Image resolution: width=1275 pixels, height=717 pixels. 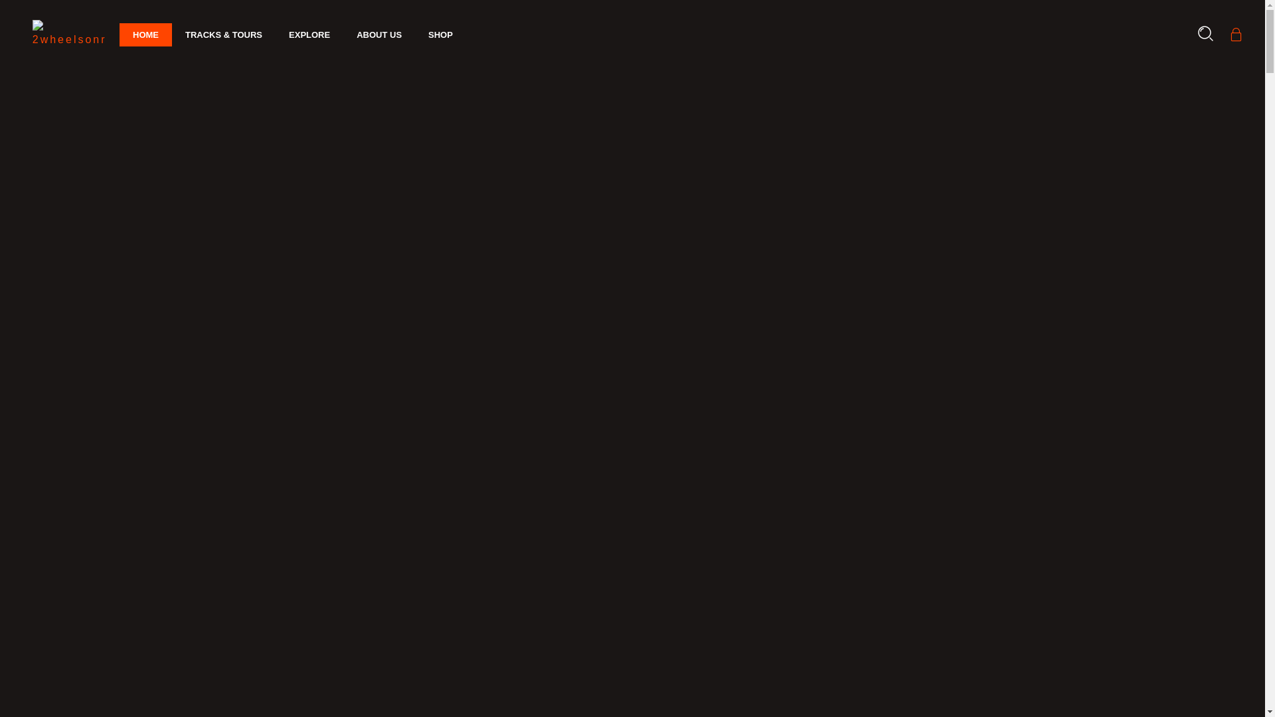 I want to click on 'HOME', so click(x=145, y=35).